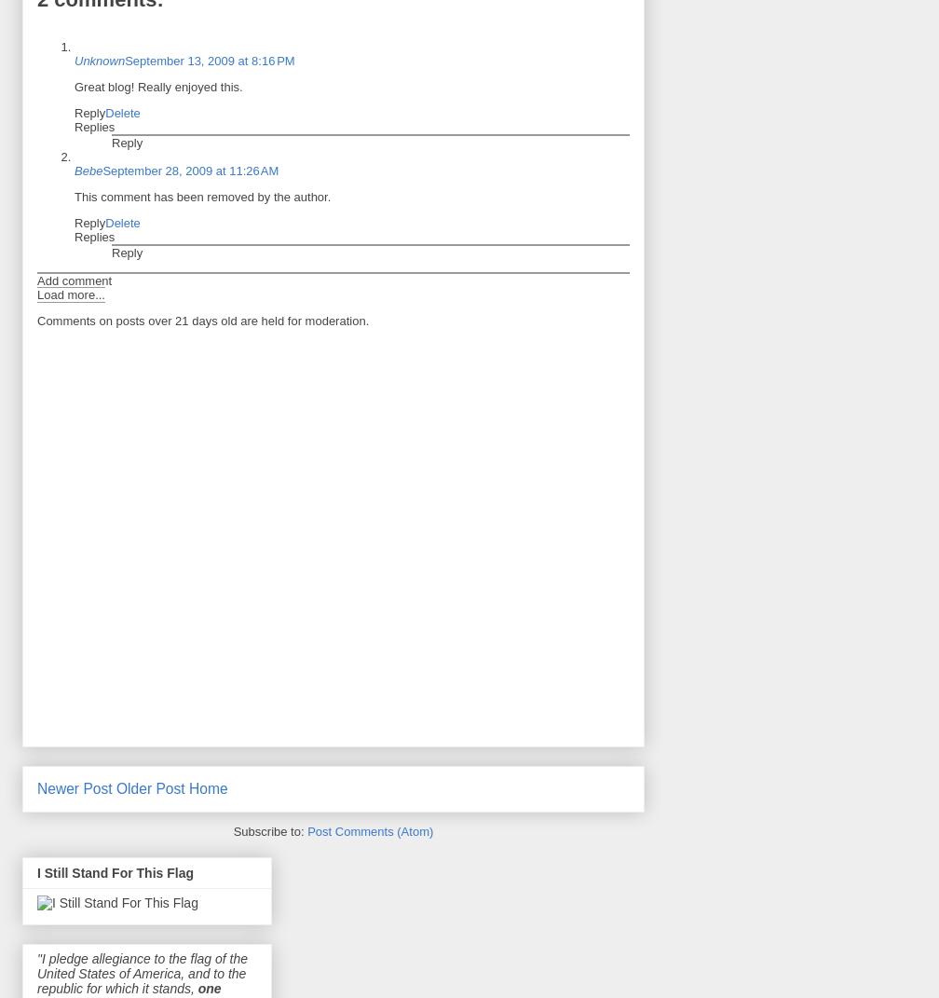 This screenshot has width=939, height=998. I want to click on 'Great blog! Really enjoyed this.', so click(158, 86).